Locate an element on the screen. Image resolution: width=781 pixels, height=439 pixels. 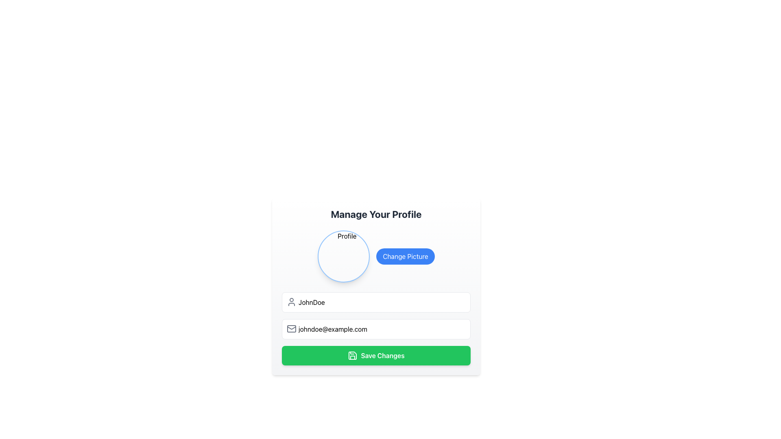
the small, green-lined save icon resembling a floppy disk located inside the 'Save Changes' button, adjacent to the button's label text is located at coordinates (353, 355).